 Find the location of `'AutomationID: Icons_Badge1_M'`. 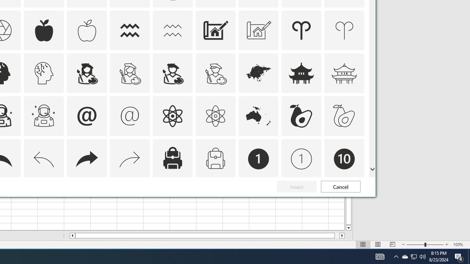

'AutomationID: Icons_Badge1_M' is located at coordinates (301, 159).